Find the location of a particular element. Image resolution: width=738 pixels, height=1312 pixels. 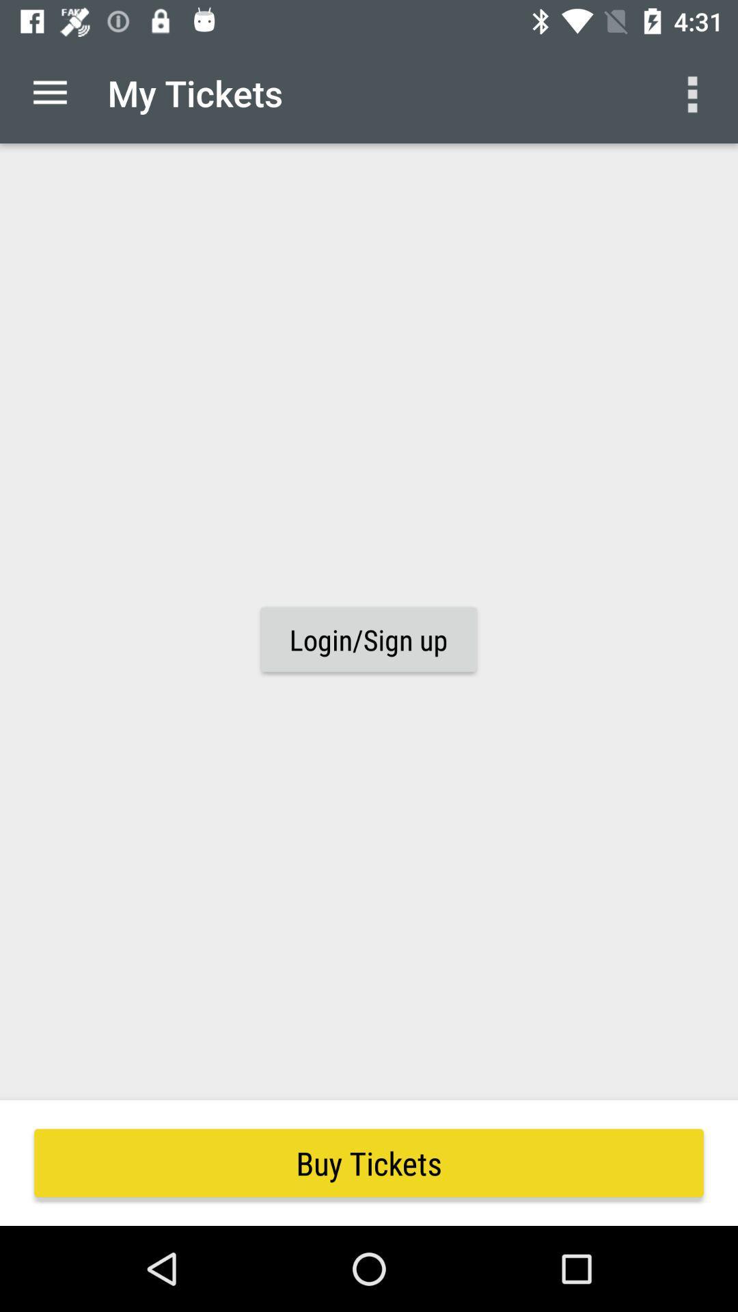

the app below my tickets item is located at coordinates (368, 639).